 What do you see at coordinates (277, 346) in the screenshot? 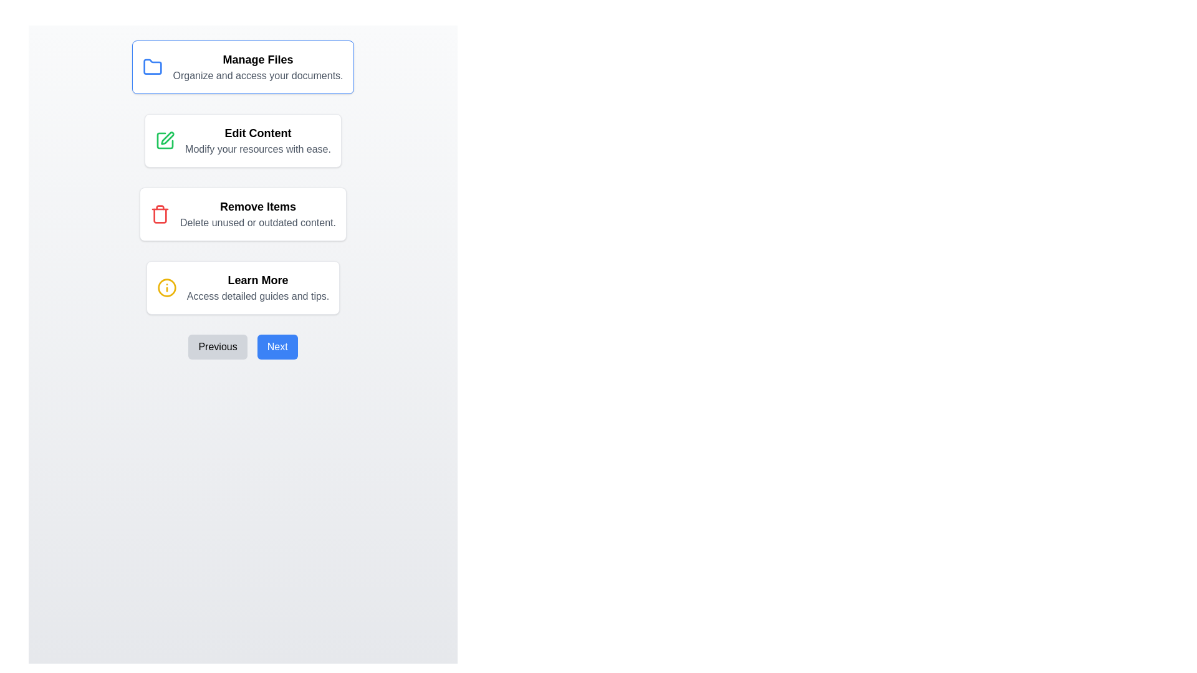
I see `the 'Next' button with a blue background and rounded corners` at bounding box center [277, 346].